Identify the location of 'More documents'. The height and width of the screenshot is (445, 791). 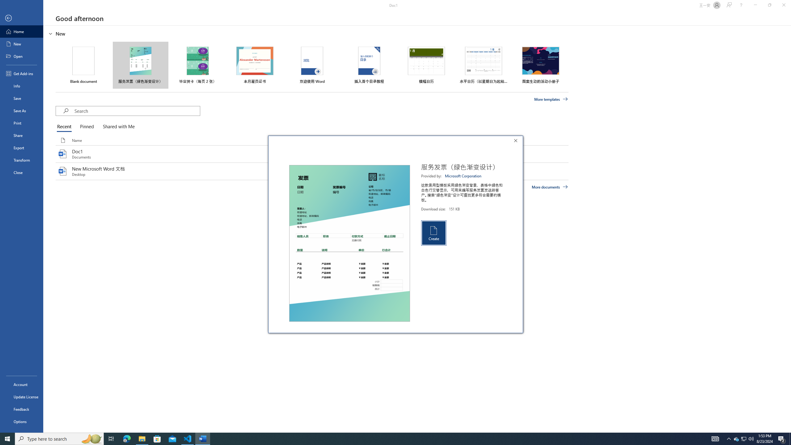
(549, 187).